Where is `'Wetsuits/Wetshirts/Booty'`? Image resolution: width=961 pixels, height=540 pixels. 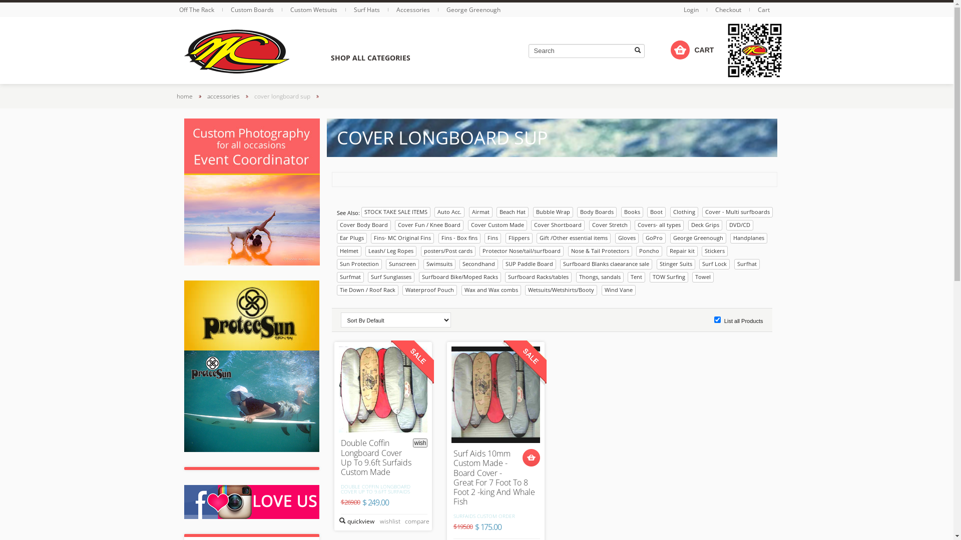
'Wetsuits/Wetshirts/Booty' is located at coordinates (561, 290).